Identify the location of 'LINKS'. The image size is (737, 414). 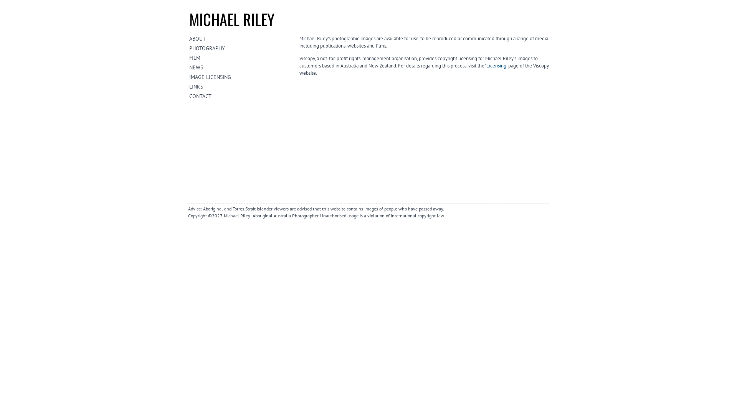
(189, 86).